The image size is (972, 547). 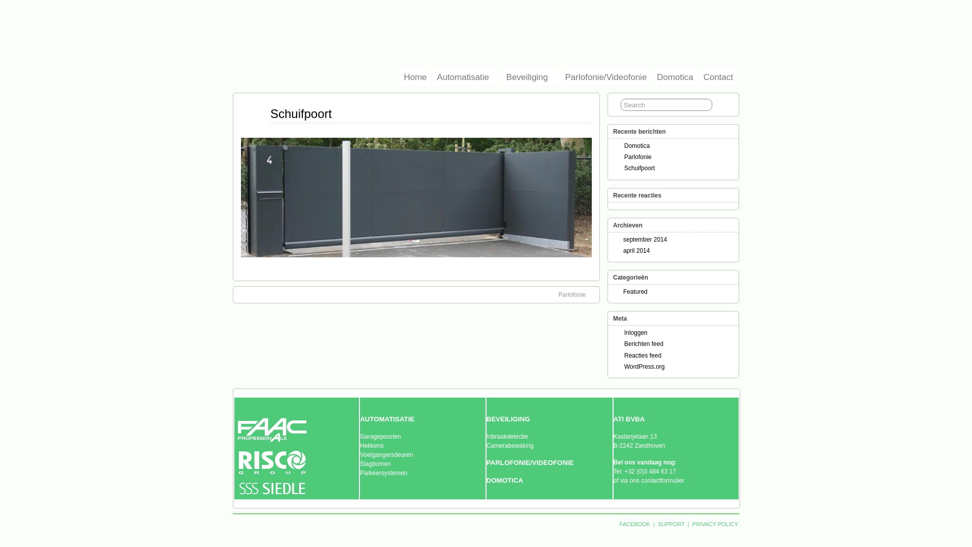 I want to click on 'PARLOFONIE/', so click(x=486, y=462).